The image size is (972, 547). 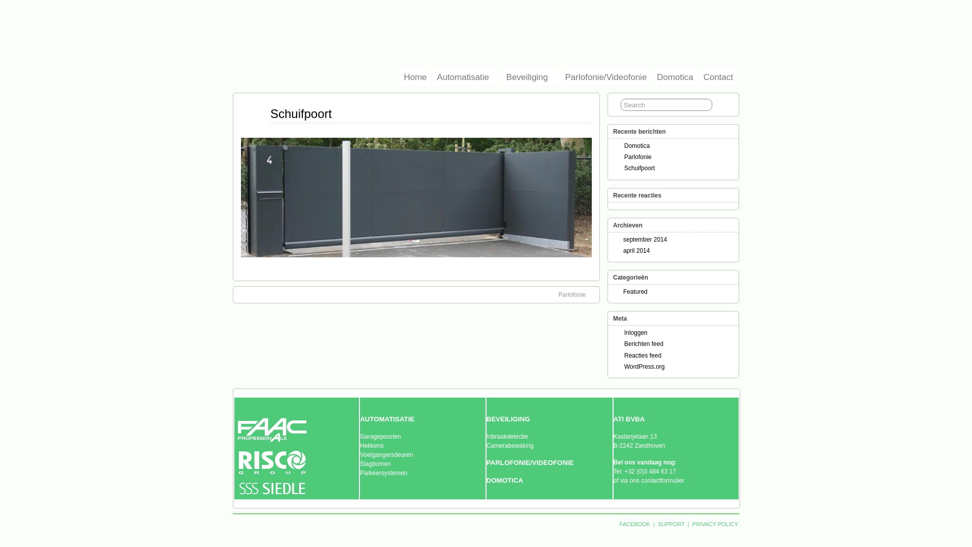 I want to click on 'PARLOFONIE/', so click(x=486, y=462).